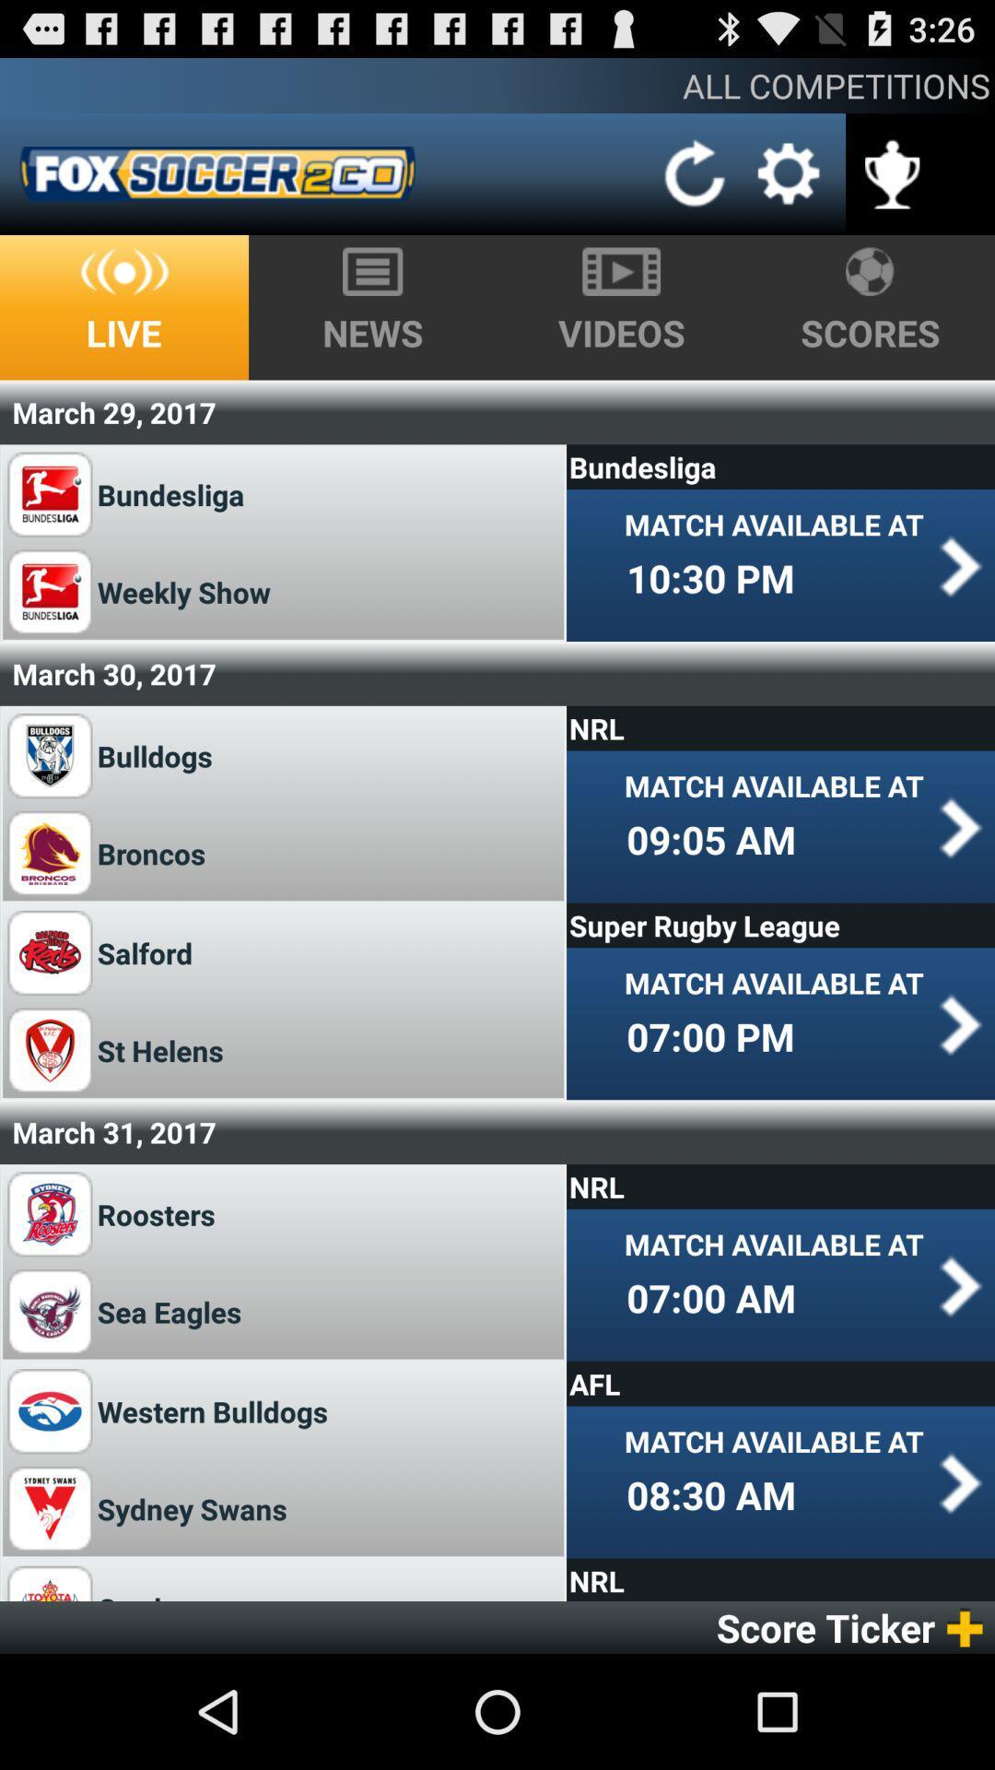  I want to click on the salford app, so click(144, 952).